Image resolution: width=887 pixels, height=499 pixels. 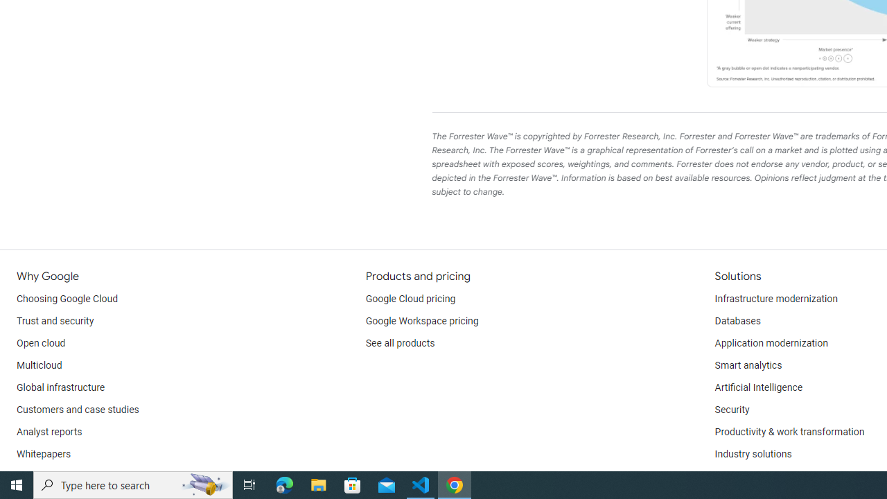 I want to click on 'Google Workspace pricing', so click(x=421, y=322).